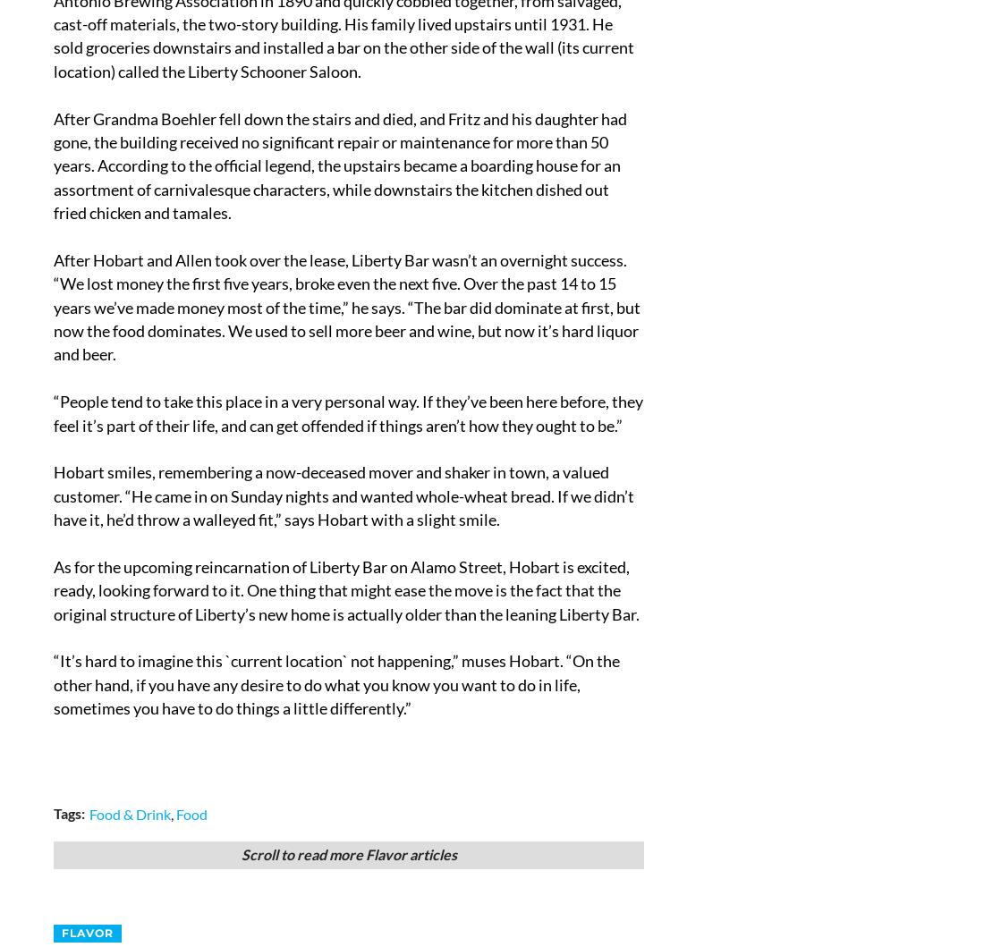 This screenshot has height=947, width=984. What do you see at coordinates (336, 683) in the screenshot?
I see `'“It’s hard to imagine this `current location` not happening,” muses Hobart. “On the other hand, if you have any desire to do what you know you want to do in life, sometimes you have to do things a little differently.”'` at bounding box center [336, 683].